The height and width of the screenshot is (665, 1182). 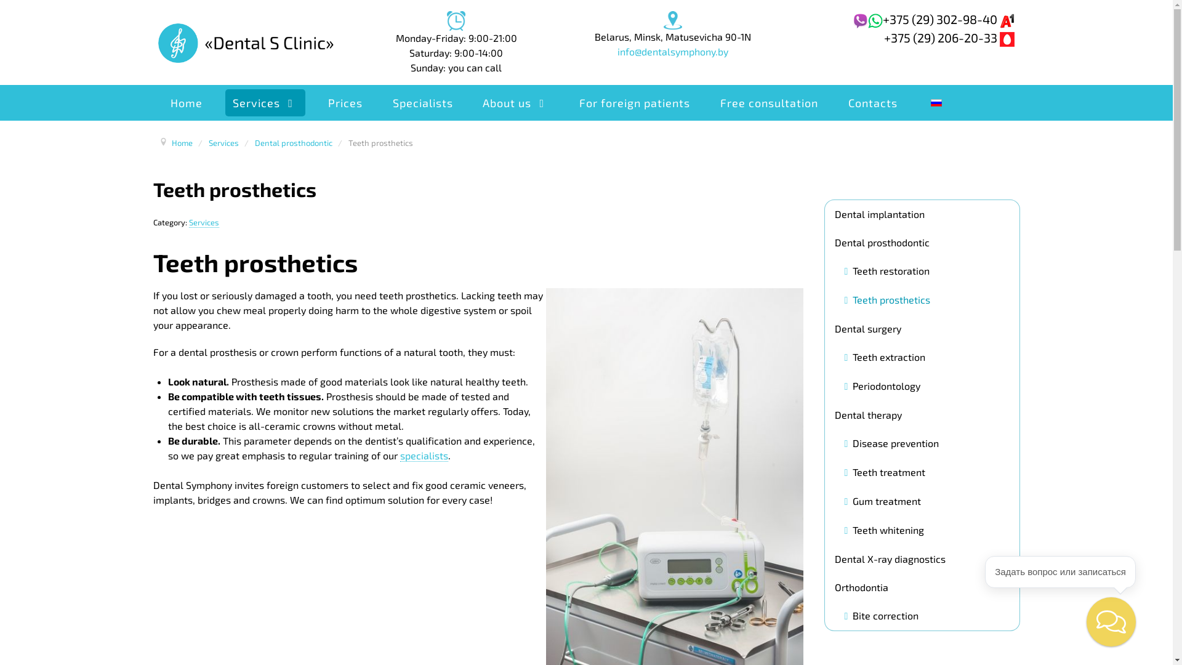 What do you see at coordinates (424, 456) in the screenshot?
I see `'specialists'` at bounding box center [424, 456].